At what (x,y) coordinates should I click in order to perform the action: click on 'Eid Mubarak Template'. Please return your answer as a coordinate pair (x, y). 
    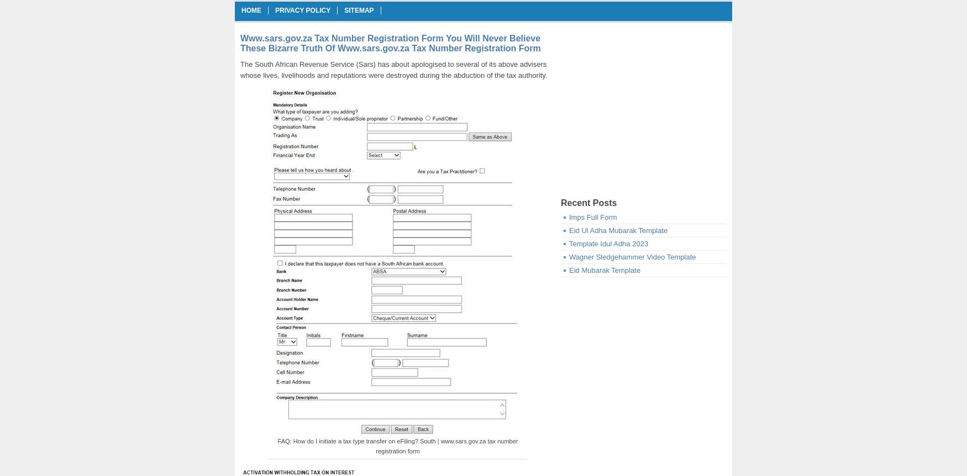
    Looking at the image, I should click on (605, 270).